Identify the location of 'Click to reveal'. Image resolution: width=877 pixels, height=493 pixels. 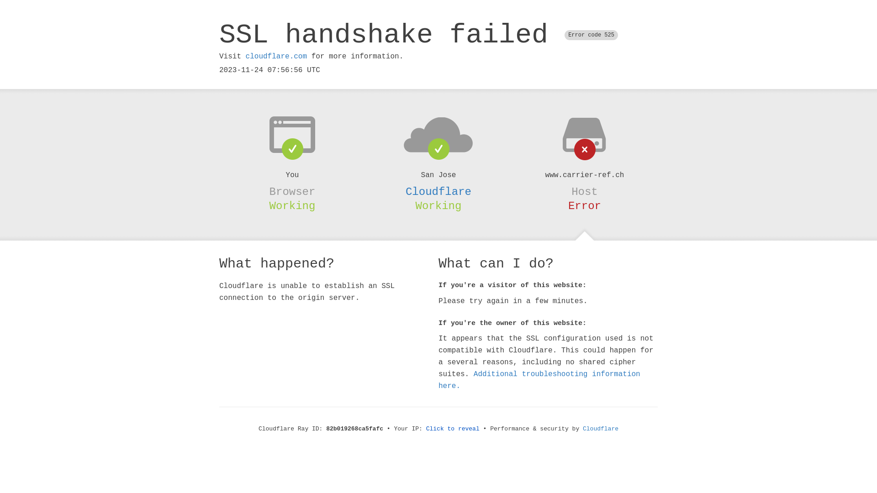
(453, 429).